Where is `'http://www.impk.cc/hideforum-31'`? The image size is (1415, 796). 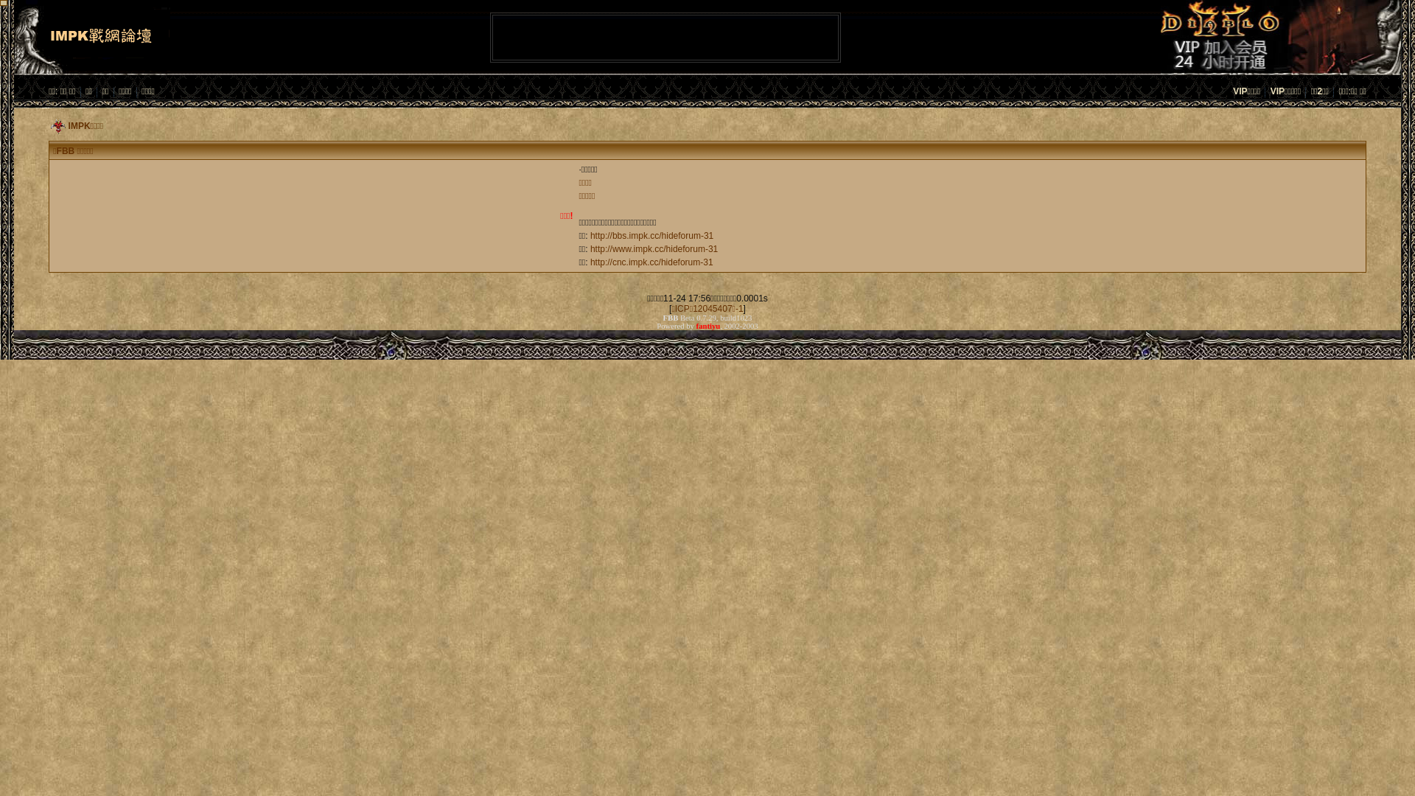
'http://www.impk.cc/hideforum-31' is located at coordinates (653, 248).